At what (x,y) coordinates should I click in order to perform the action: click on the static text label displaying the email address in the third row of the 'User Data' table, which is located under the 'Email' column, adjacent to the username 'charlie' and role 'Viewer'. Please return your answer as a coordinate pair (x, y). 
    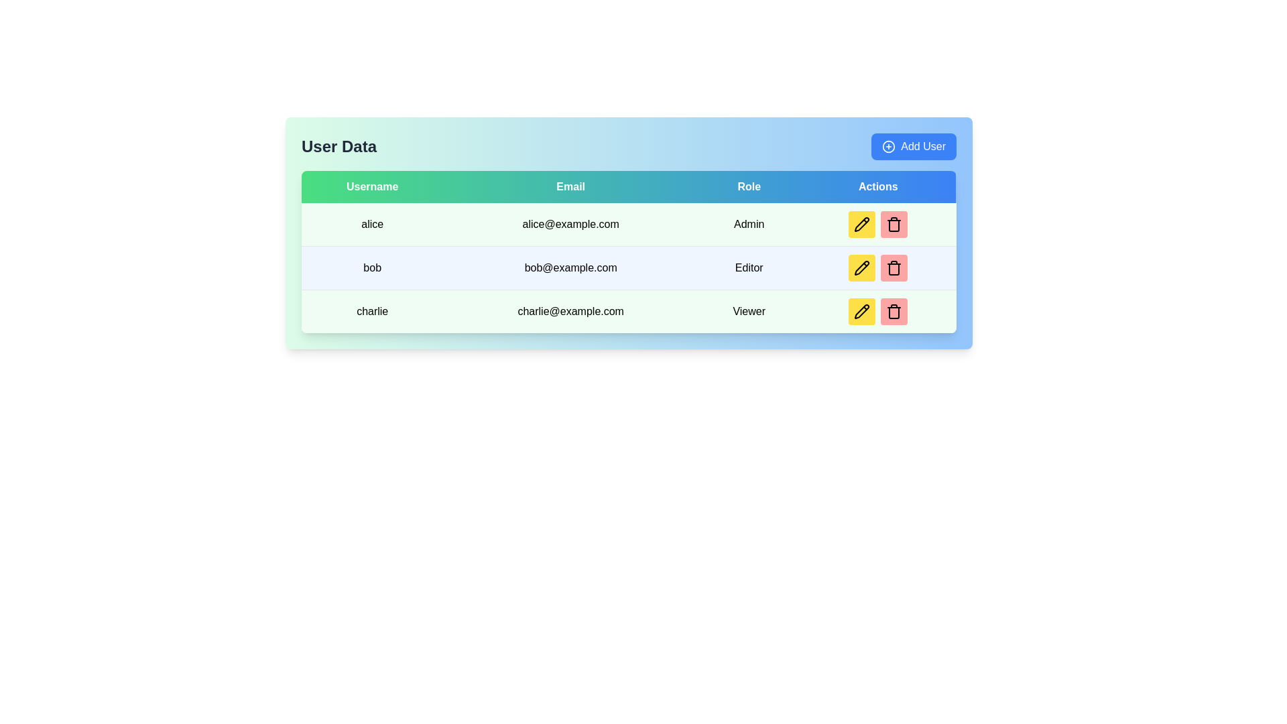
    Looking at the image, I should click on (570, 311).